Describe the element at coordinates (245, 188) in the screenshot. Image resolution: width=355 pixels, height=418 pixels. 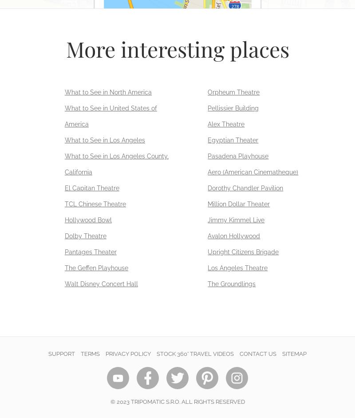
I see `'Dorothy Chandler Pavilion'` at that location.